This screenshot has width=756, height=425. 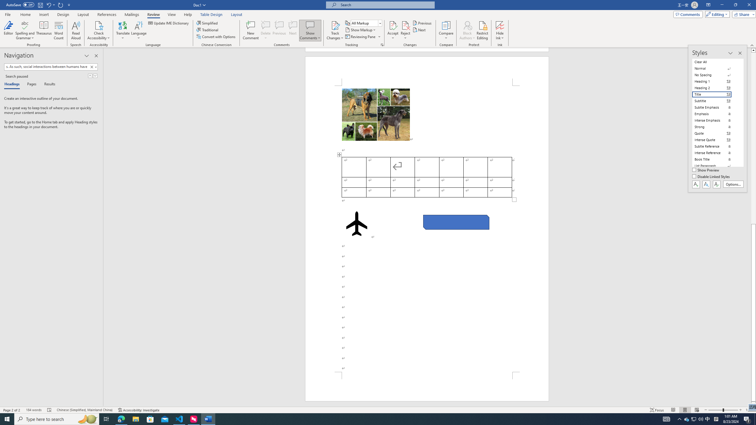 What do you see at coordinates (733, 184) in the screenshot?
I see `'Options...'` at bounding box center [733, 184].